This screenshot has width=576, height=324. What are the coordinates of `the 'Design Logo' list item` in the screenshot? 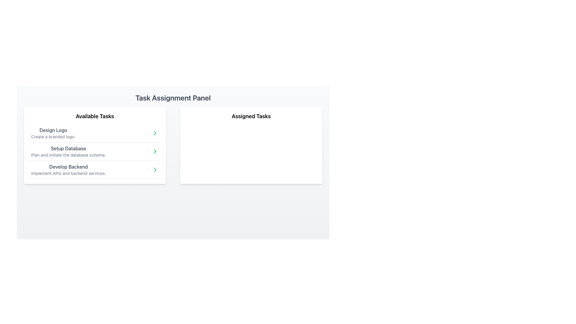 It's located at (94, 133).